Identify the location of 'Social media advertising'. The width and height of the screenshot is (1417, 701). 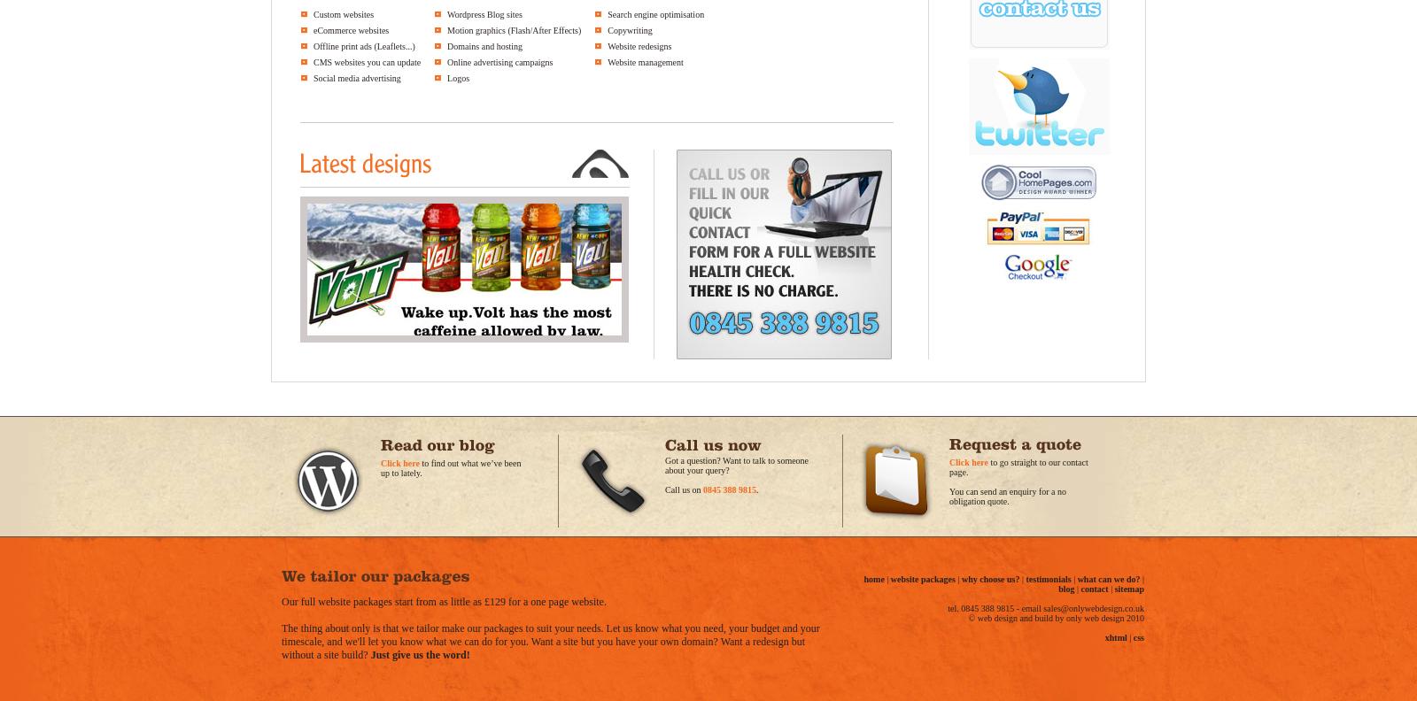
(356, 78).